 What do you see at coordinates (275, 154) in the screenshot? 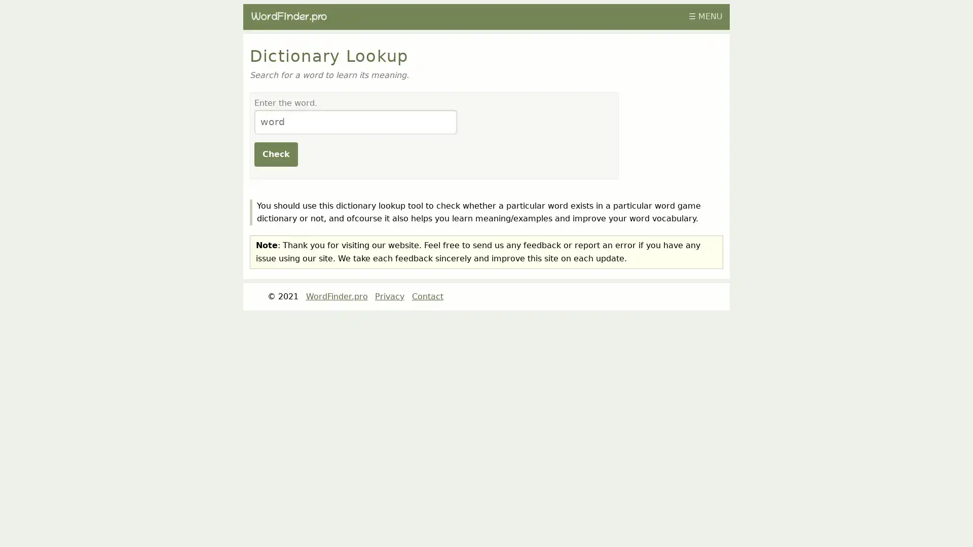
I see `Check` at bounding box center [275, 154].